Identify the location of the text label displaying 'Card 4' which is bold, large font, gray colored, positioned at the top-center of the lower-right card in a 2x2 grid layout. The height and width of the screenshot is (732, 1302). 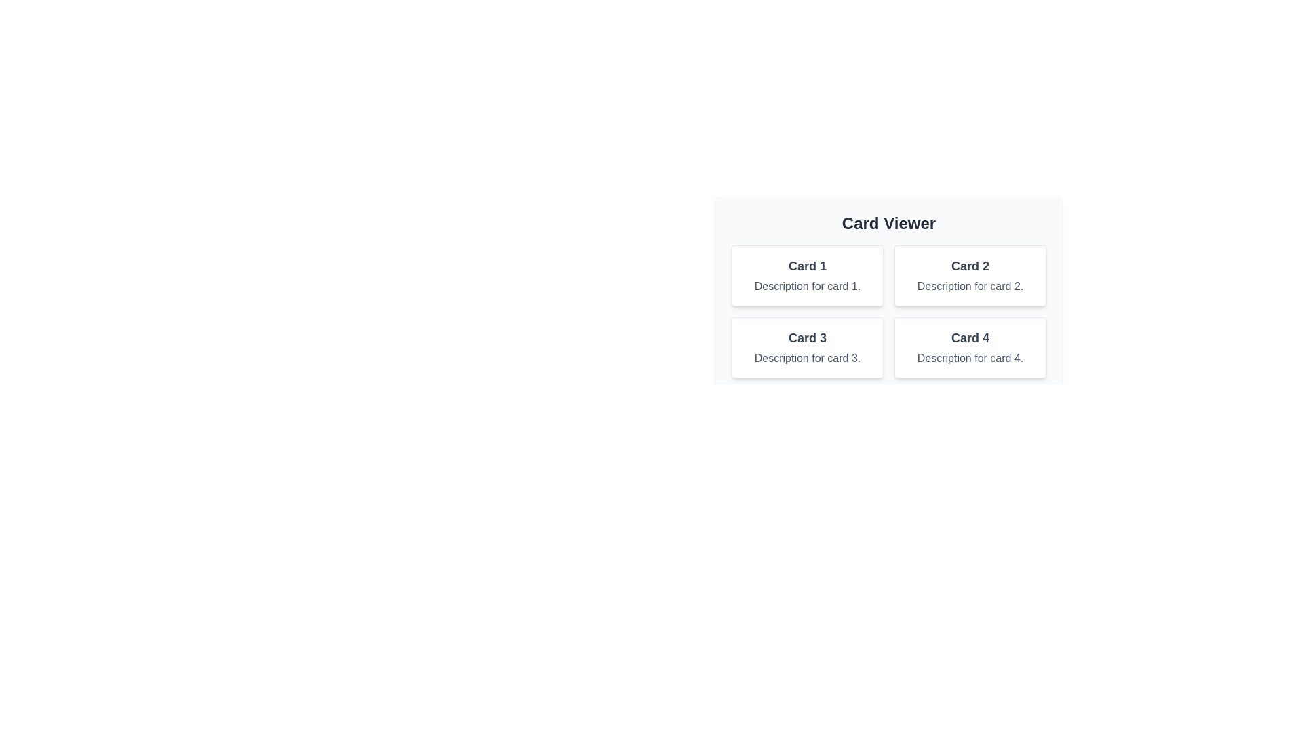
(969, 337).